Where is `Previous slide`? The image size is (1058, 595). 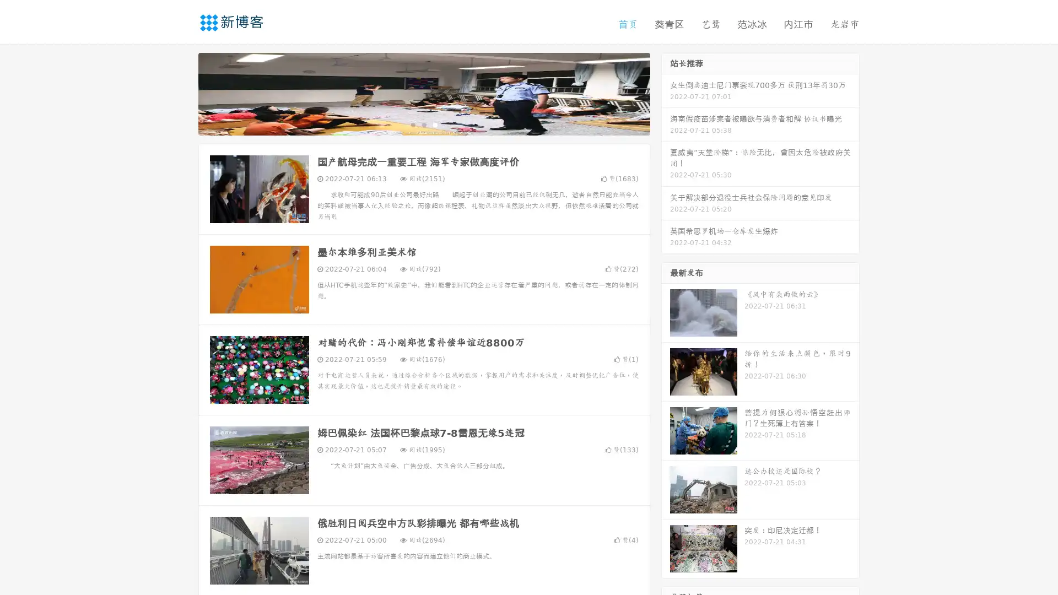 Previous slide is located at coordinates (182, 93).